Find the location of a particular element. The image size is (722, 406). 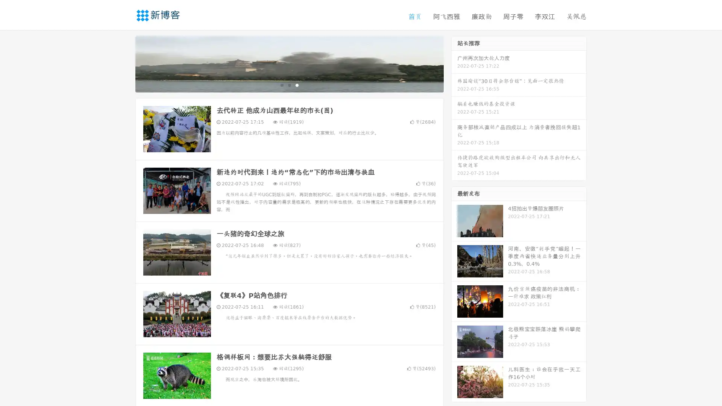

Previous slide is located at coordinates (124, 63).